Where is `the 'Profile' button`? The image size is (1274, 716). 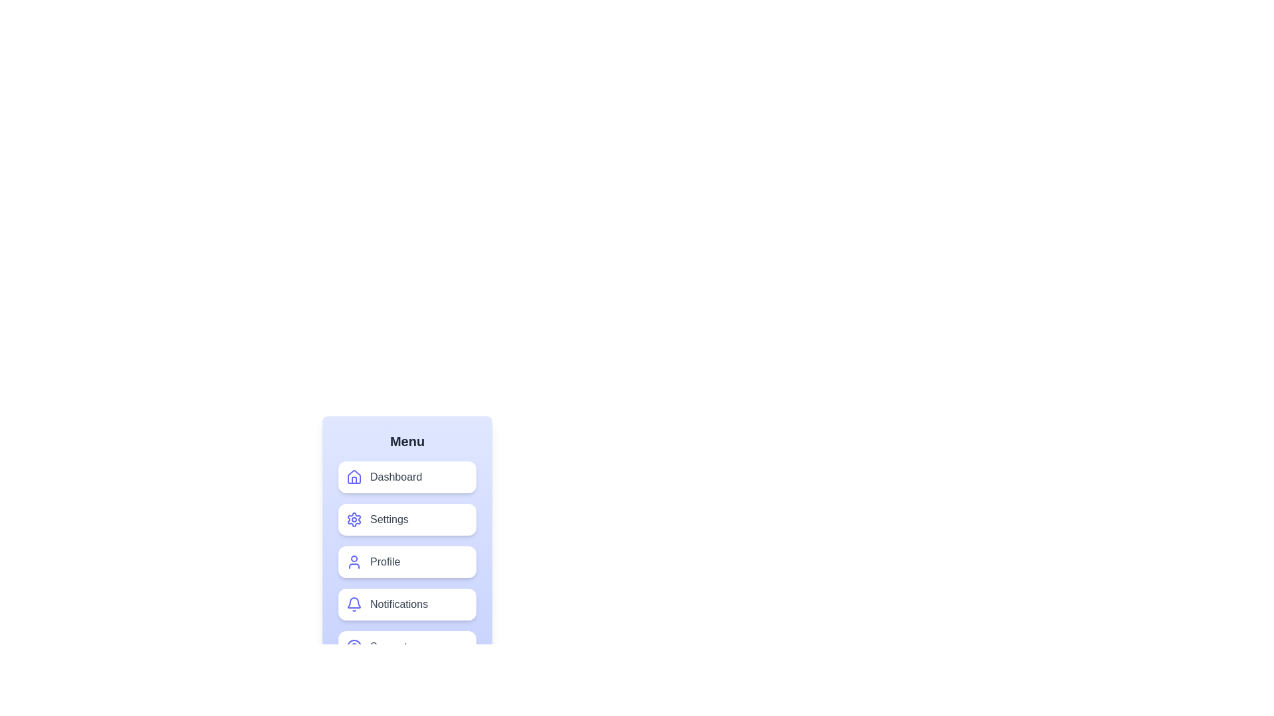
the 'Profile' button is located at coordinates (407, 547).